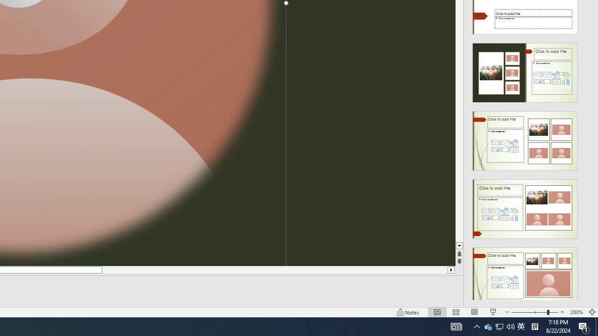 The width and height of the screenshot is (598, 336). I want to click on 'Notes ', so click(408, 312).